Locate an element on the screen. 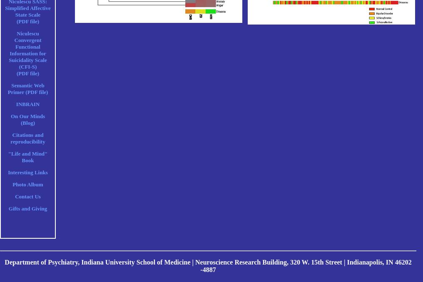 The height and width of the screenshot is (282, 423). 'Book' is located at coordinates (21, 160).